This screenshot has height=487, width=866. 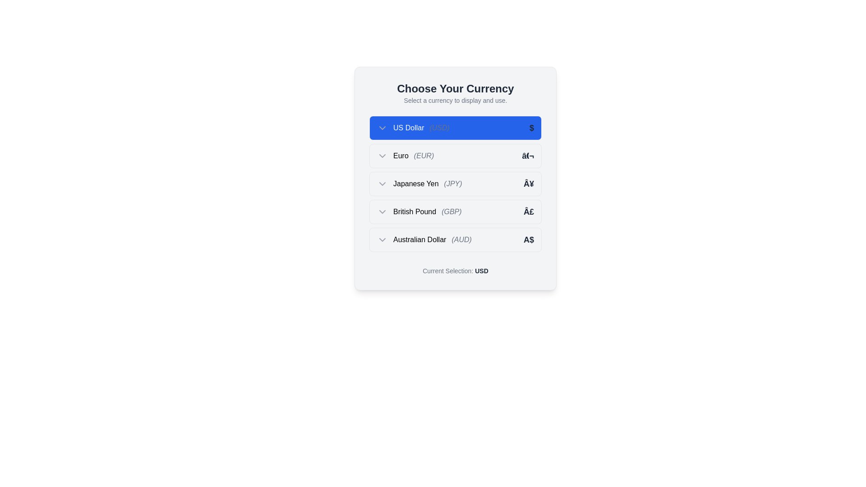 What do you see at coordinates (382, 184) in the screenshot?
I see `the Dropdown Chevron Icon located in the third row of the currency selection list, which is aligned to the left of the label 'Japanese Yen (JPY)'` at bounding box center [382, 184].